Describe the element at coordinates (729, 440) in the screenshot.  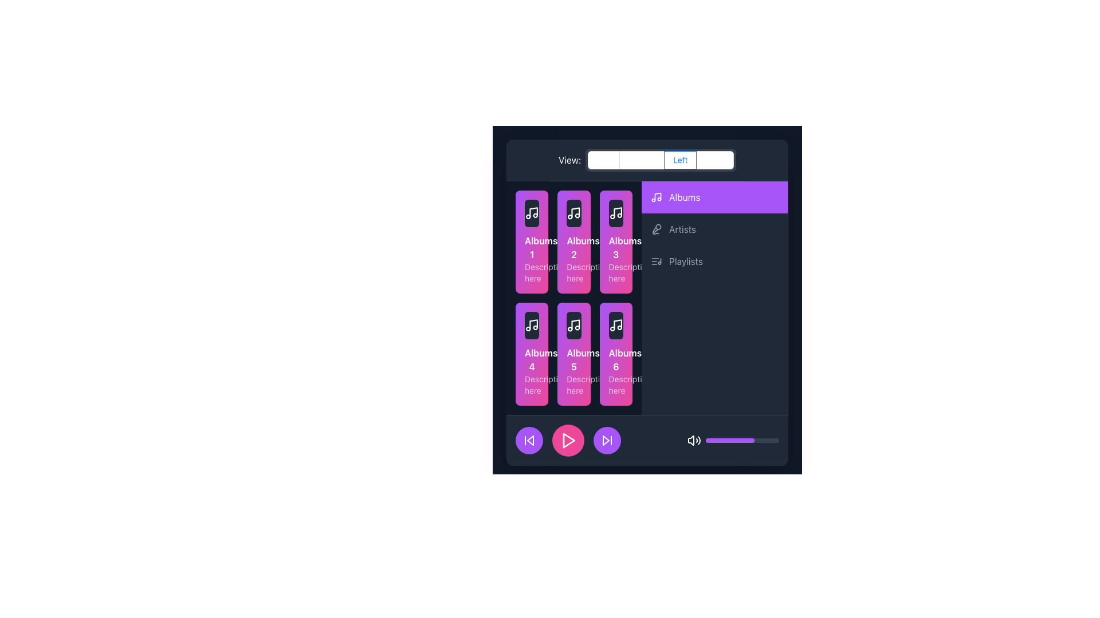
I see `the filled portion of the progress bar segment located in the bottom section of the interface, which visually indicates the current volume level or progress state` at that location.